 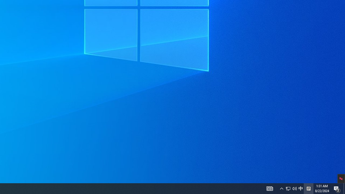 I want to click on 'User Promoted Notification Area', so click(x=291, y=188).